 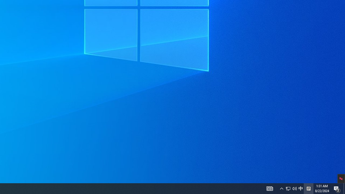 I want to click on 'User Promoted Notification Area', so click(x=291, y=188).